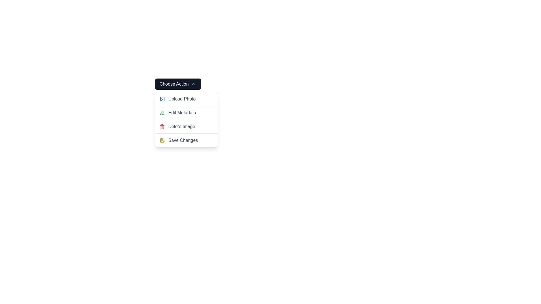 The image size is (541, 304). What do you see at coordinates (162, 127) in the screenshot?
I see `the small red trash can icon located to the left of the 'Delete Image' text in the dropdown menu, which is the third option from the top` at bounding box center [162, 127].